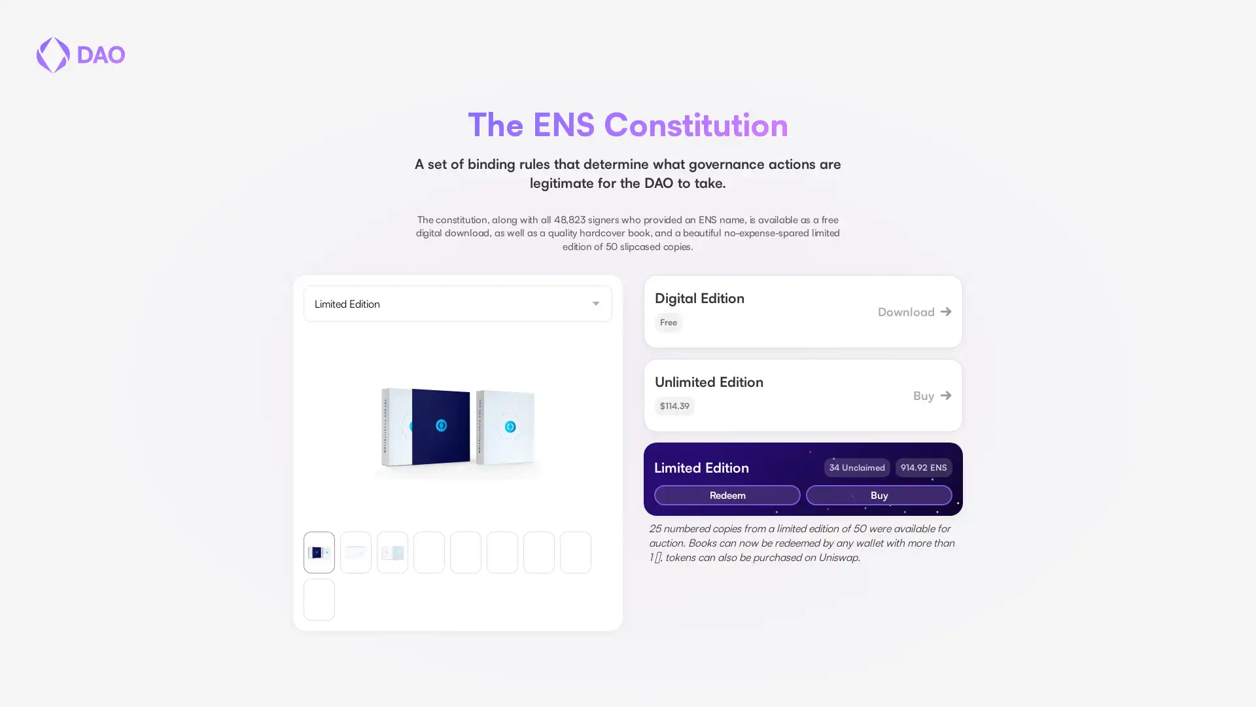 This screenshot has height=707, width=1256. Describe the element at coordinates (539, 552) in the screenshot. I see `Limited edition page example 5` at that location.